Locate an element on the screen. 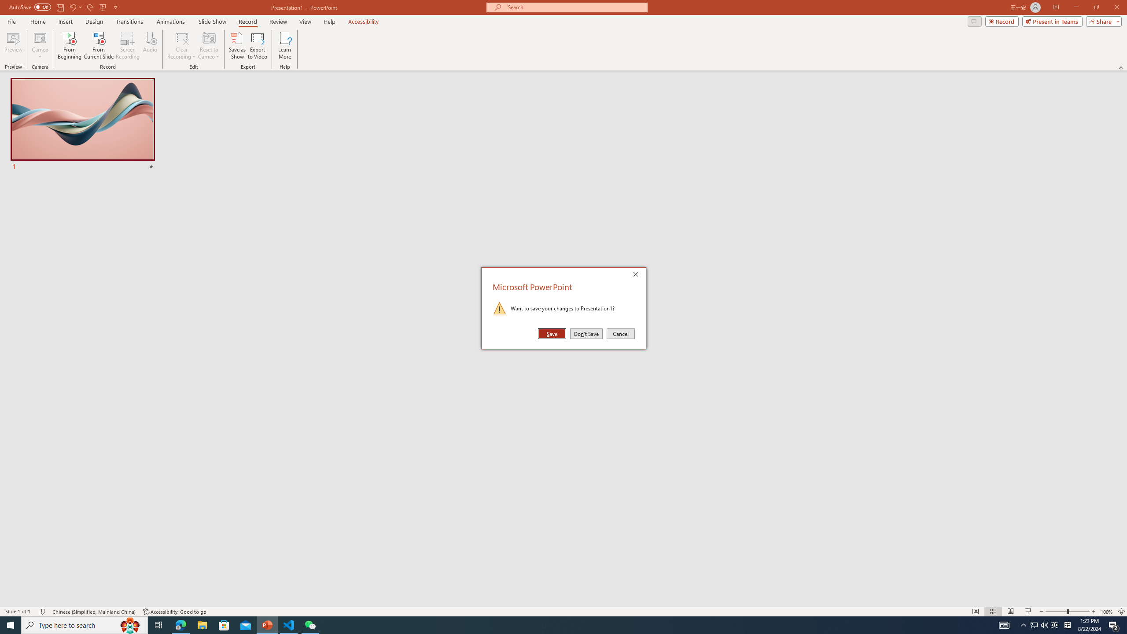 The image size is (1127, 634). 'Zoom 100%' is located at coordinates (1107, 612).